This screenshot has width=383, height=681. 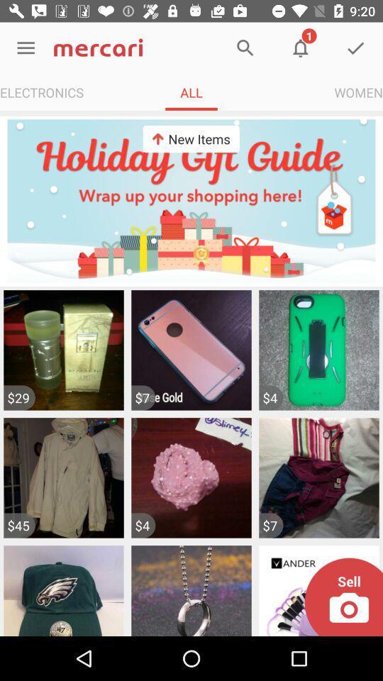 What do you see at coordinates (343, 596) in the screenshot?
I see `take picture` at bounding box center [343, 596].